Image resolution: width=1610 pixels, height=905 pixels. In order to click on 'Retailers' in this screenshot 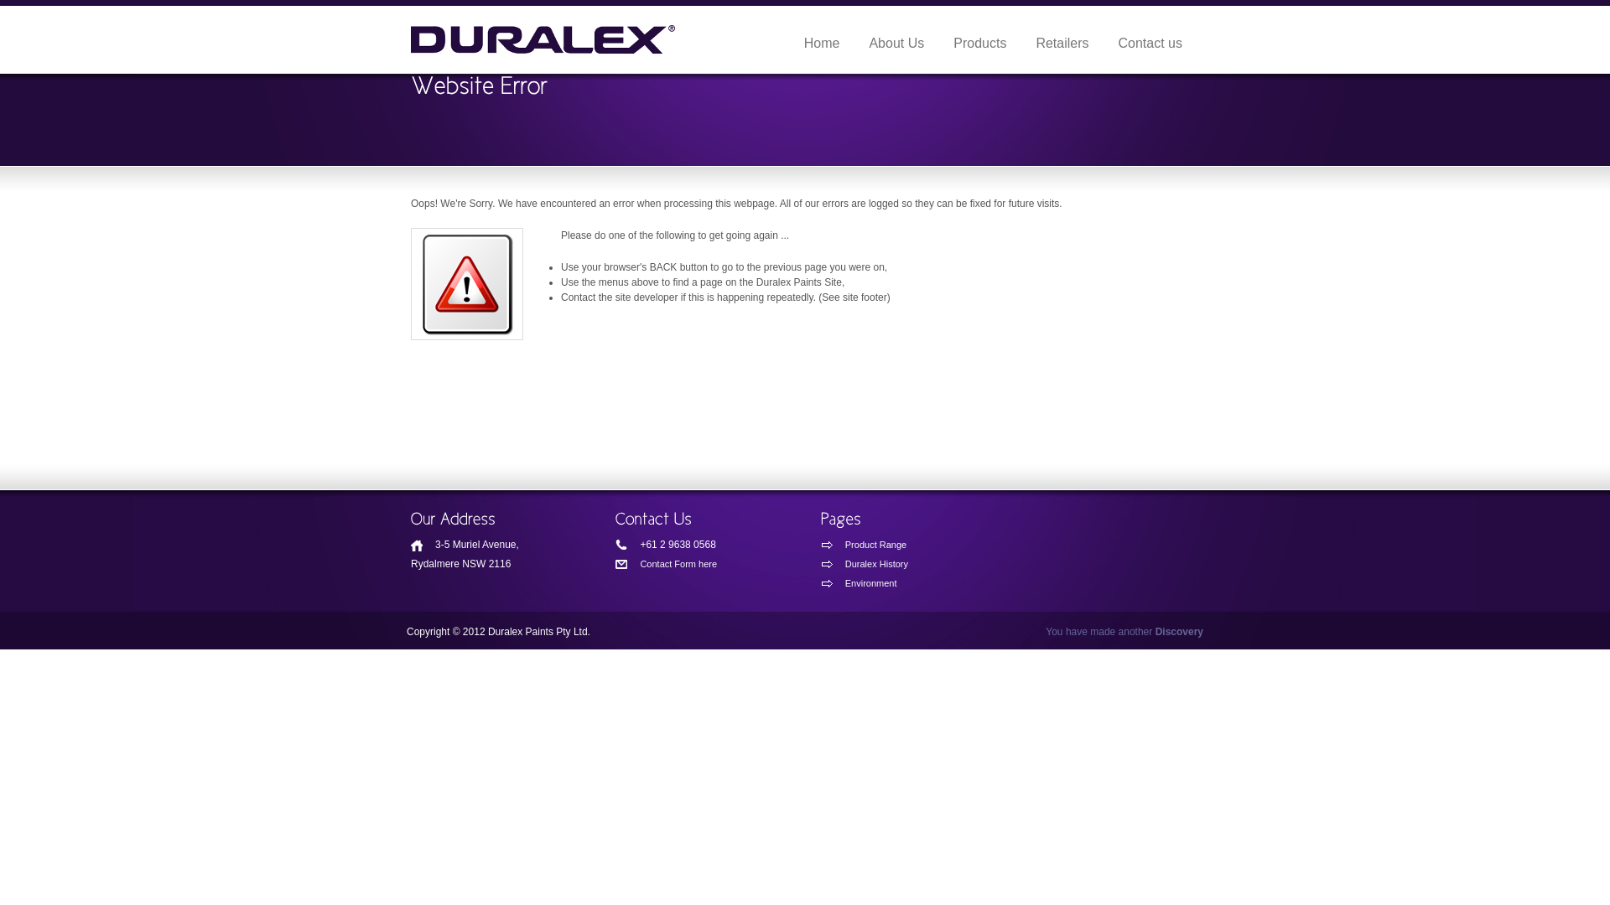, I will do `click(1061, 43)`.